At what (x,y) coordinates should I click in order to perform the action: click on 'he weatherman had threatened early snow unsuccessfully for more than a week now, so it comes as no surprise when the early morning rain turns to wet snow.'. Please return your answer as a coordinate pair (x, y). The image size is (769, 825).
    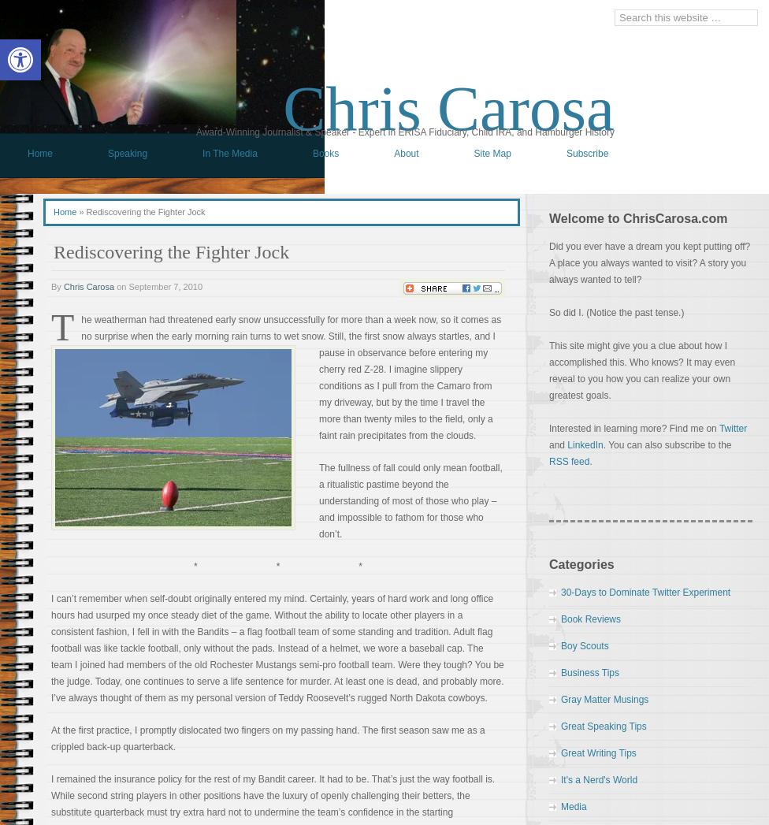
    Looking at the image, I should click on (290, 327).